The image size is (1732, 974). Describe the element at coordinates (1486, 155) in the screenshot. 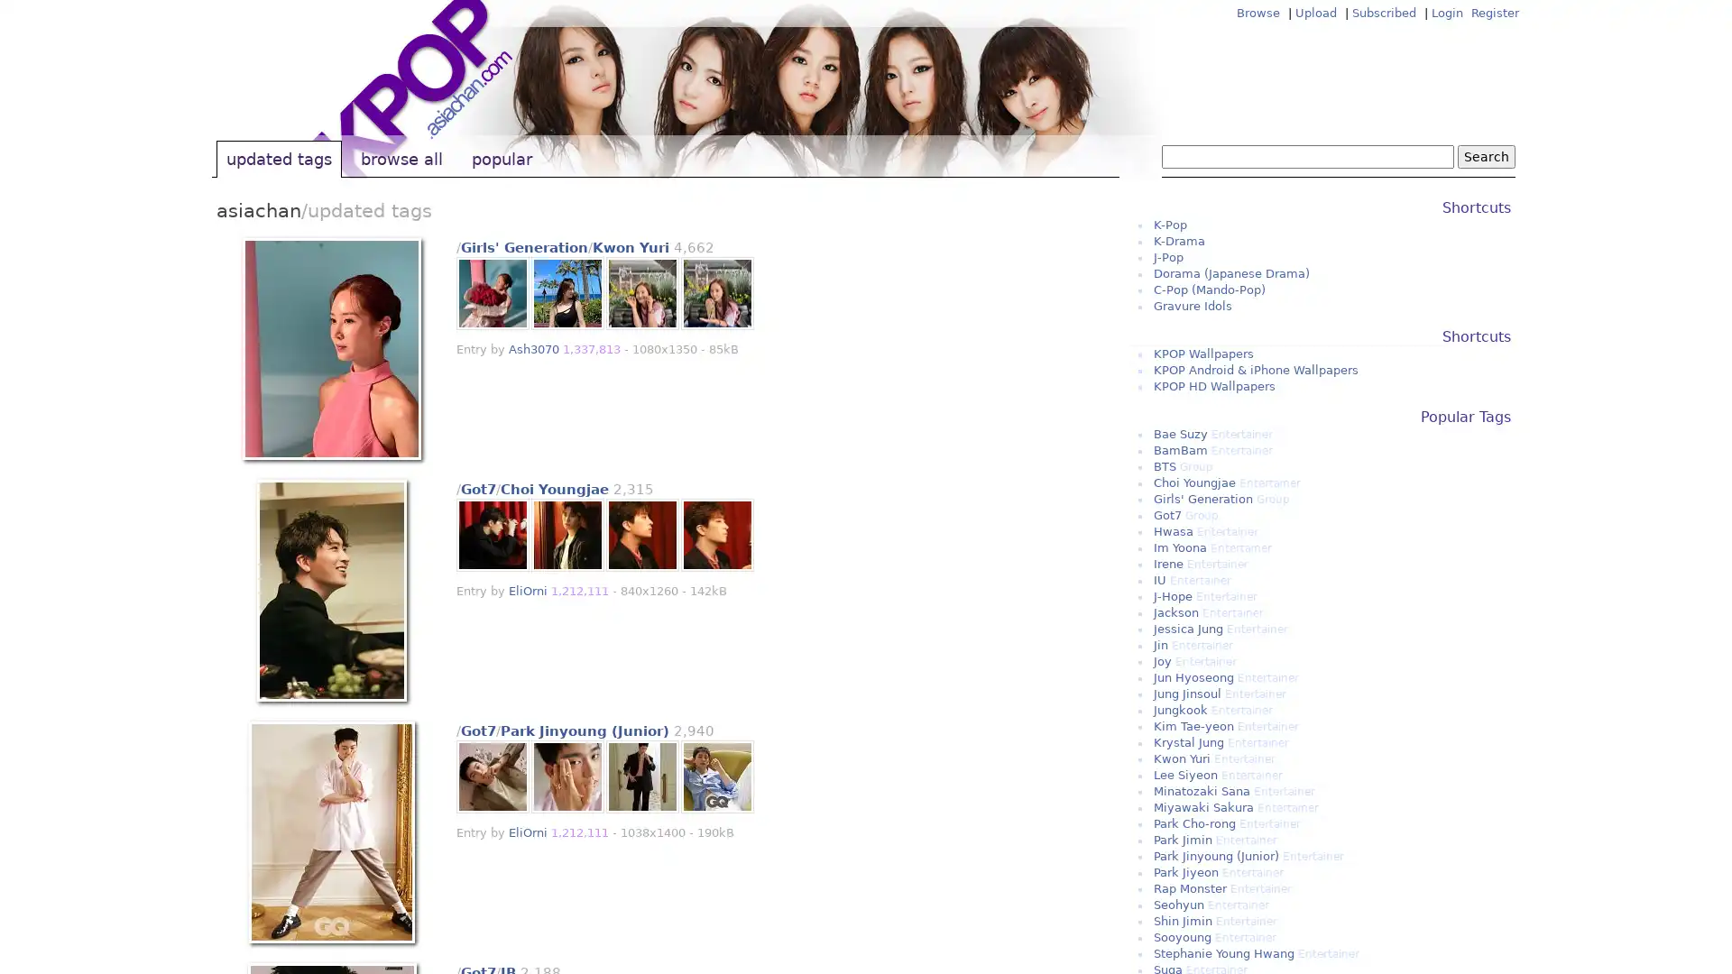

I see `Search` at that location.